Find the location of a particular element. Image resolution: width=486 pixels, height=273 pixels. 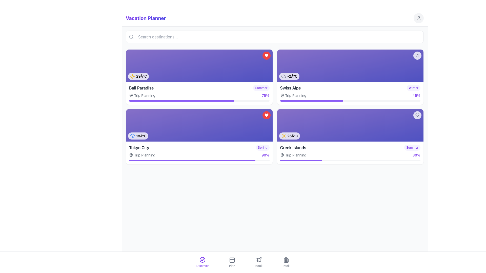

progress bar segment indicating 30% completion, located below the 'Greek Islands' card in the bottom right corner of the card group is located at coordinates (301, 161).